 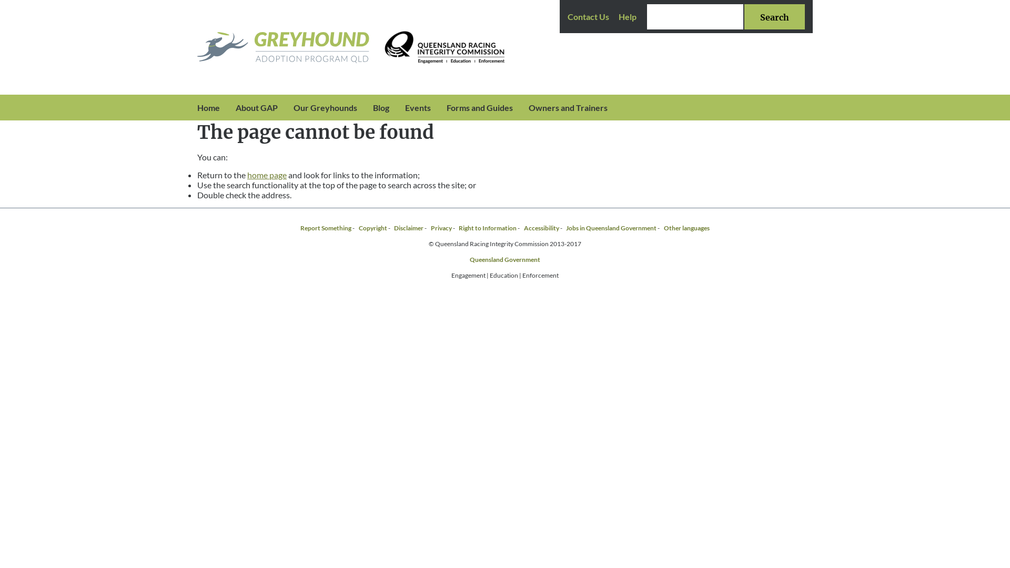 I want to click on 'Blog', so click(x=380, y=107).